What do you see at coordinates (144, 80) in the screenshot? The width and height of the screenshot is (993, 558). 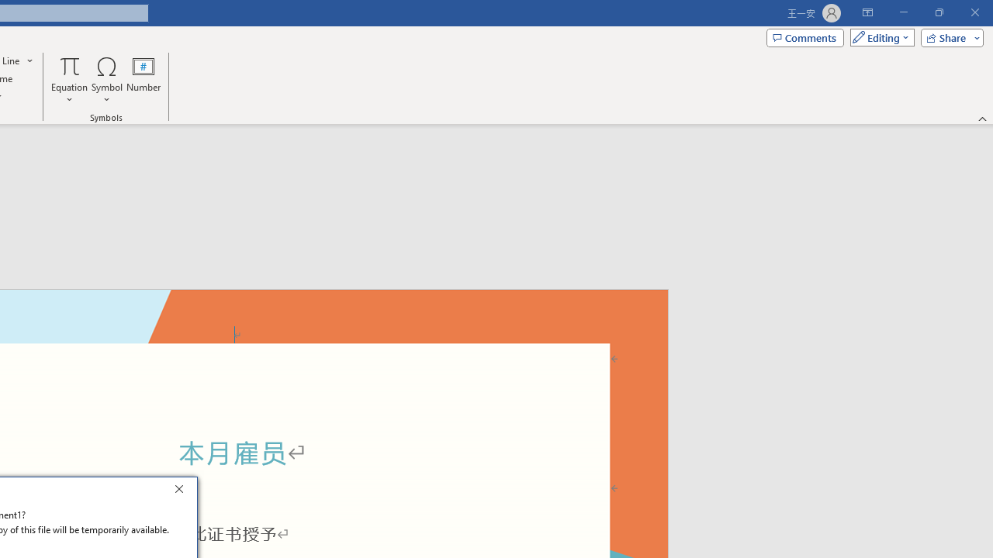 I see `'Number...'` at bounding box center [144, 80].